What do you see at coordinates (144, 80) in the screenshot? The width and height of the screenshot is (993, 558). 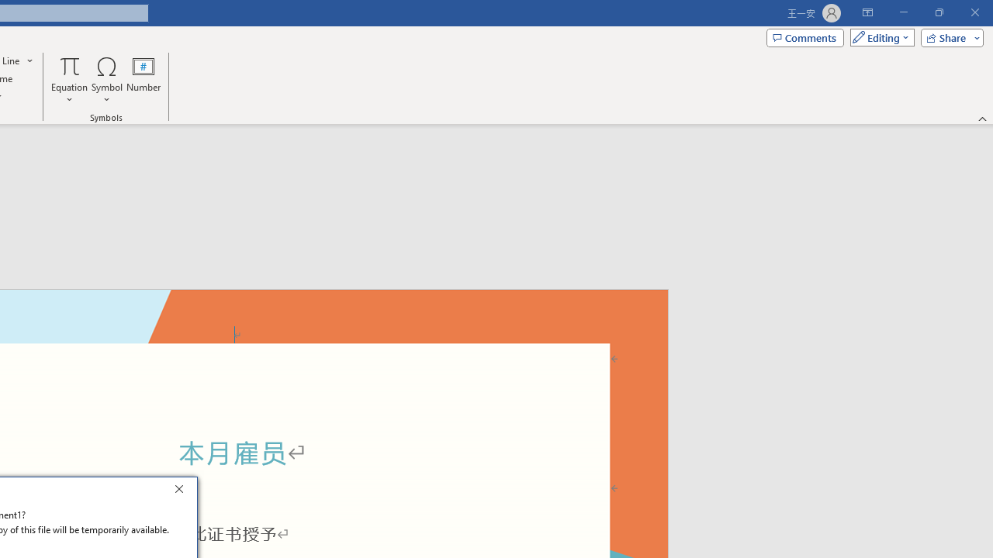 I see `'Number...'` at bounding box center [144, 80].